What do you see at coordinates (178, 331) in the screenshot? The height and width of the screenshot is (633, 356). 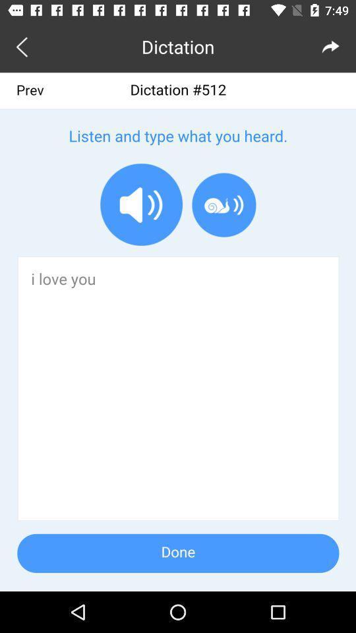 I see `done` at bounding box center [178, 331].